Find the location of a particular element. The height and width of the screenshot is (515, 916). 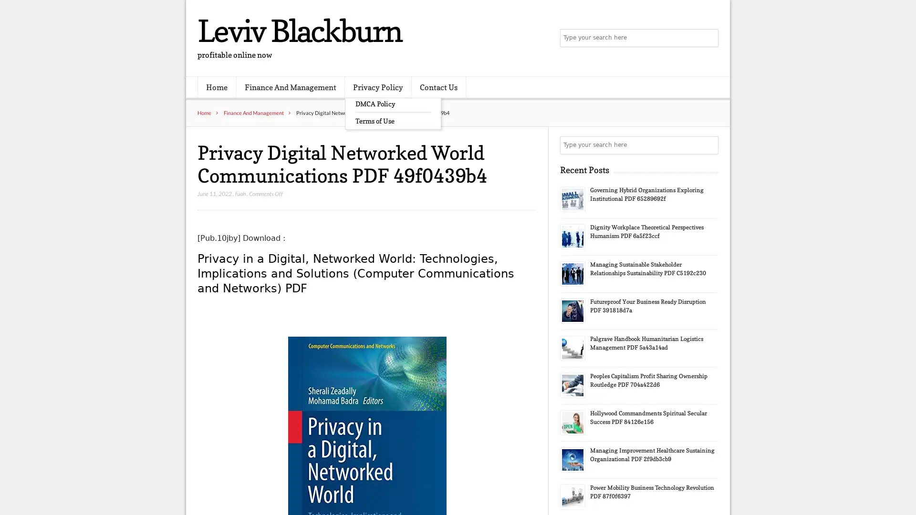

Search is located at coordinates (708, 145).